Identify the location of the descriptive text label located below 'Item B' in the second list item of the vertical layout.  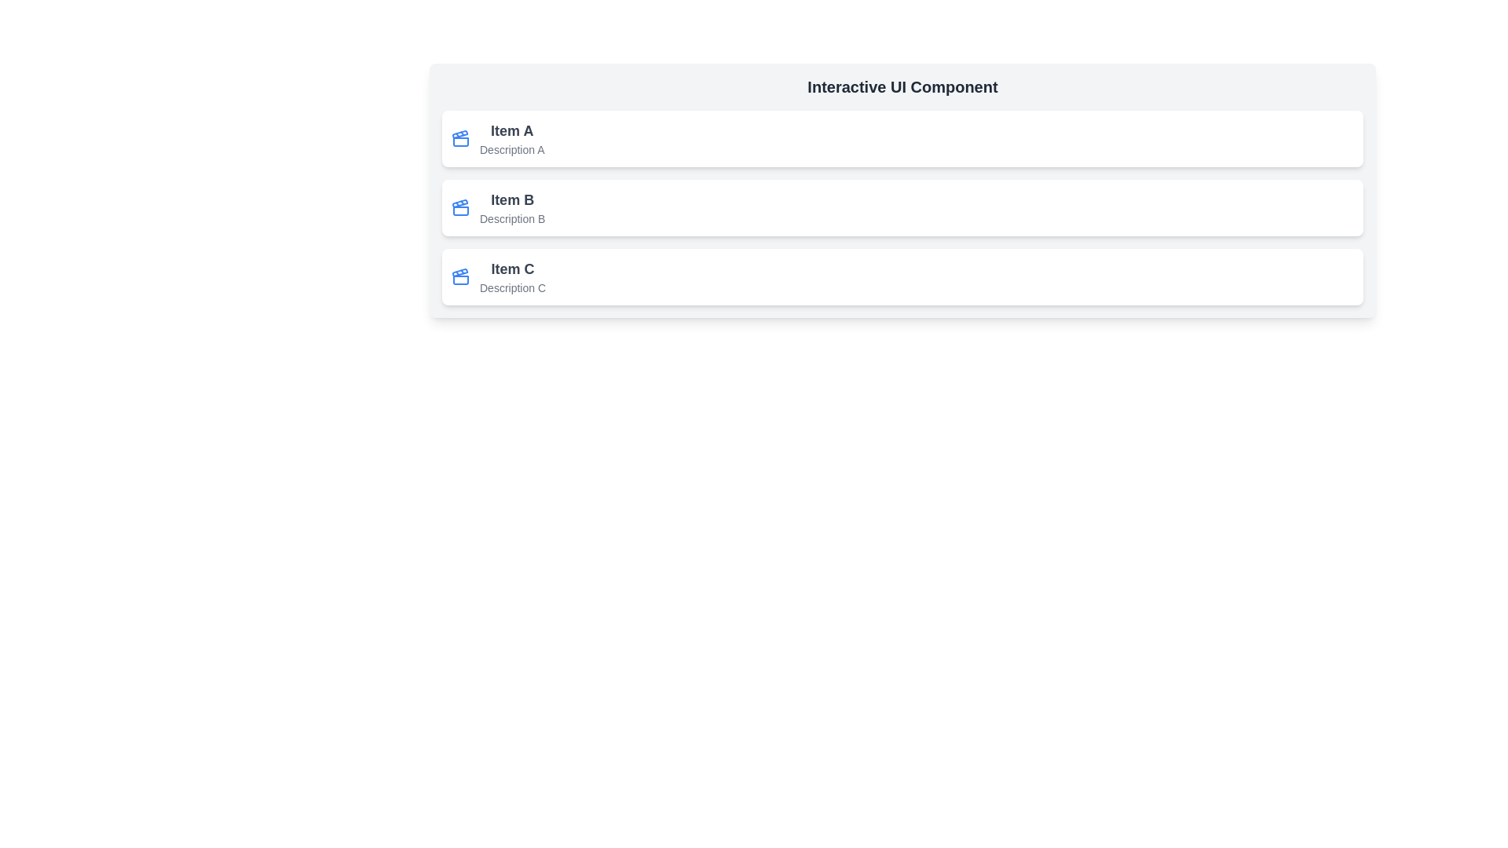
(512, 218).